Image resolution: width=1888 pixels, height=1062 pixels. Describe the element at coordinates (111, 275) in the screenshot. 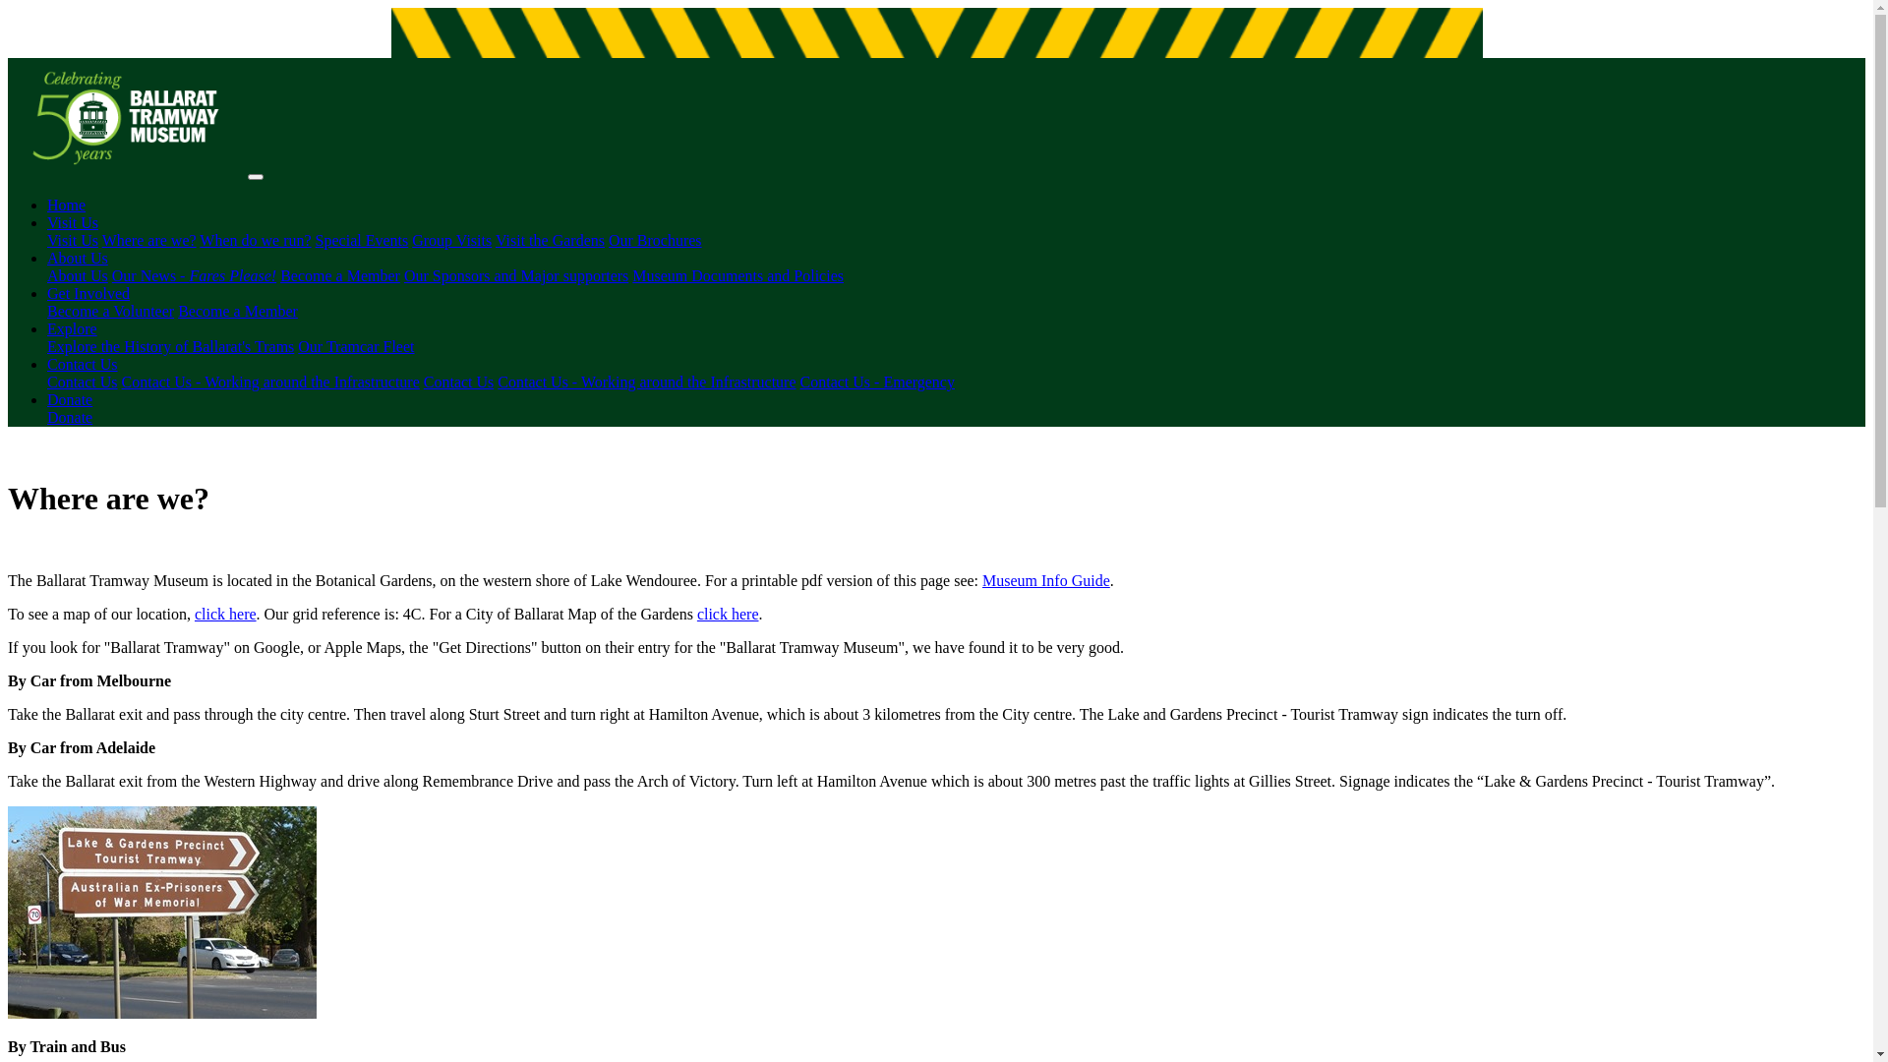

I see `'Our News - Fares Please!'` at that location.